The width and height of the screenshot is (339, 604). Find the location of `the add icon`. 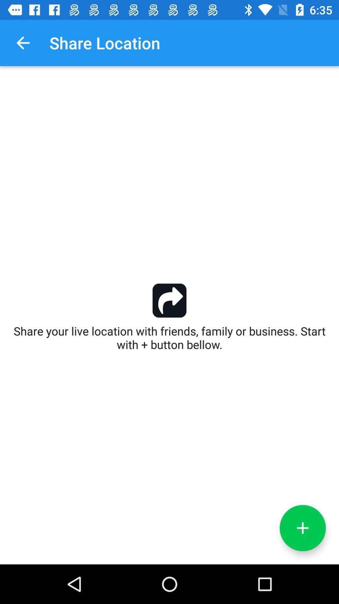

the add icon is located at coordinates (302, 528).